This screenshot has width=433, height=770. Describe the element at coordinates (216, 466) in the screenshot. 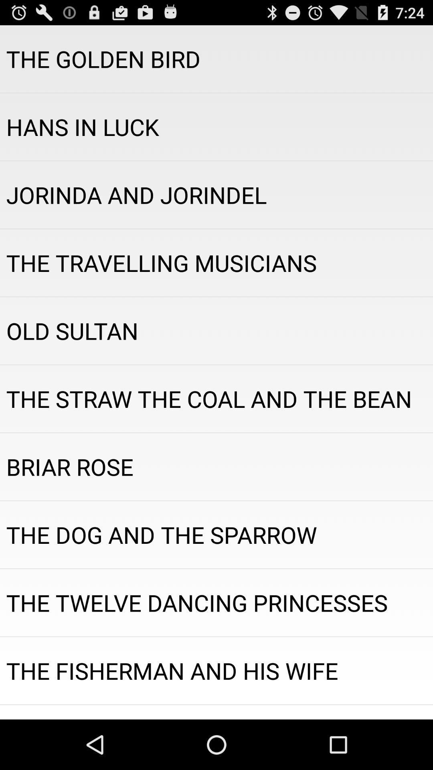

I see `the item above the dog and app` at that location.